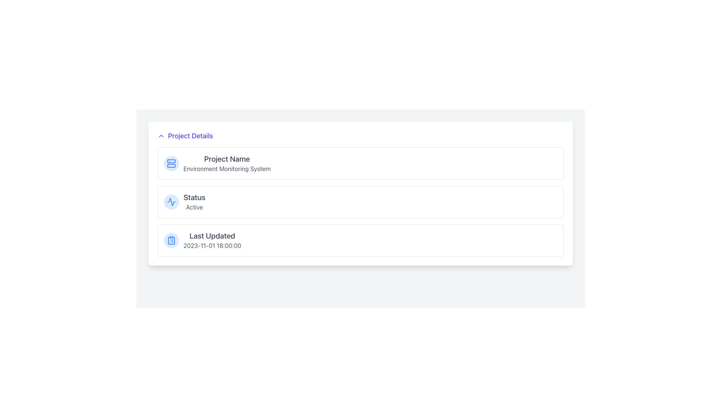 The width and height of the screenshot is (725, 407). What do you see at coordinates (171, 202) in the screenshot?
I see `the status icon located to the left of the 'Status' and 'Active' texts, which visually represents the status functionality` at bounding box center [171, 202].